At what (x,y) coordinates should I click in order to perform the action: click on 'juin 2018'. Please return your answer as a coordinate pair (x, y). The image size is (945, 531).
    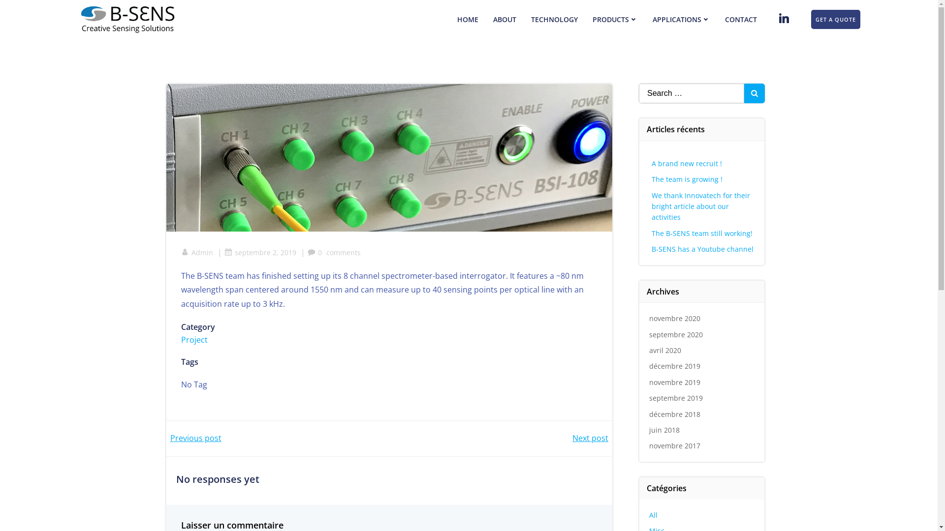
    Looking at the image, I should click on (664, 429).